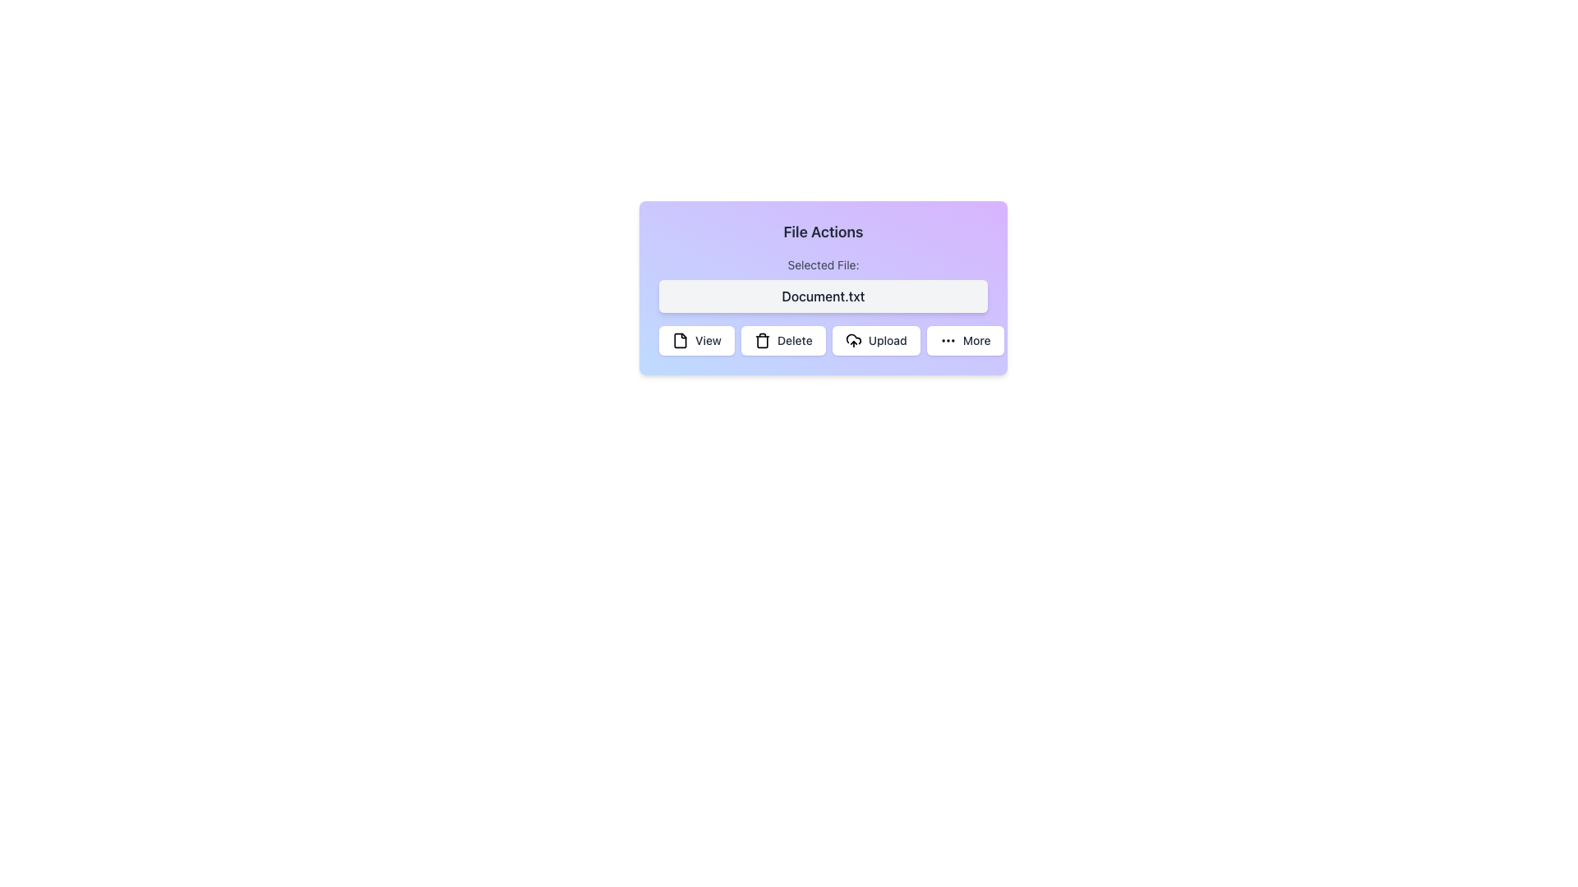 Image resolution: width=1578 pixels, height=887 pixels. What do you see at coordinates (761, 340) in the screenshot?
I see `the delete icon located to the left of the text label 'Delete' within the second button of a horizontal group of buttons at the bottom of a card layout` at bounding box center [761, 340].